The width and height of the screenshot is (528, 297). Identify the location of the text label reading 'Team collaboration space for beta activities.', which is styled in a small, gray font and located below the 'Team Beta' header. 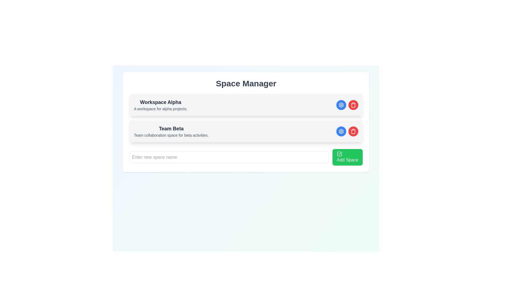
(171, 135).